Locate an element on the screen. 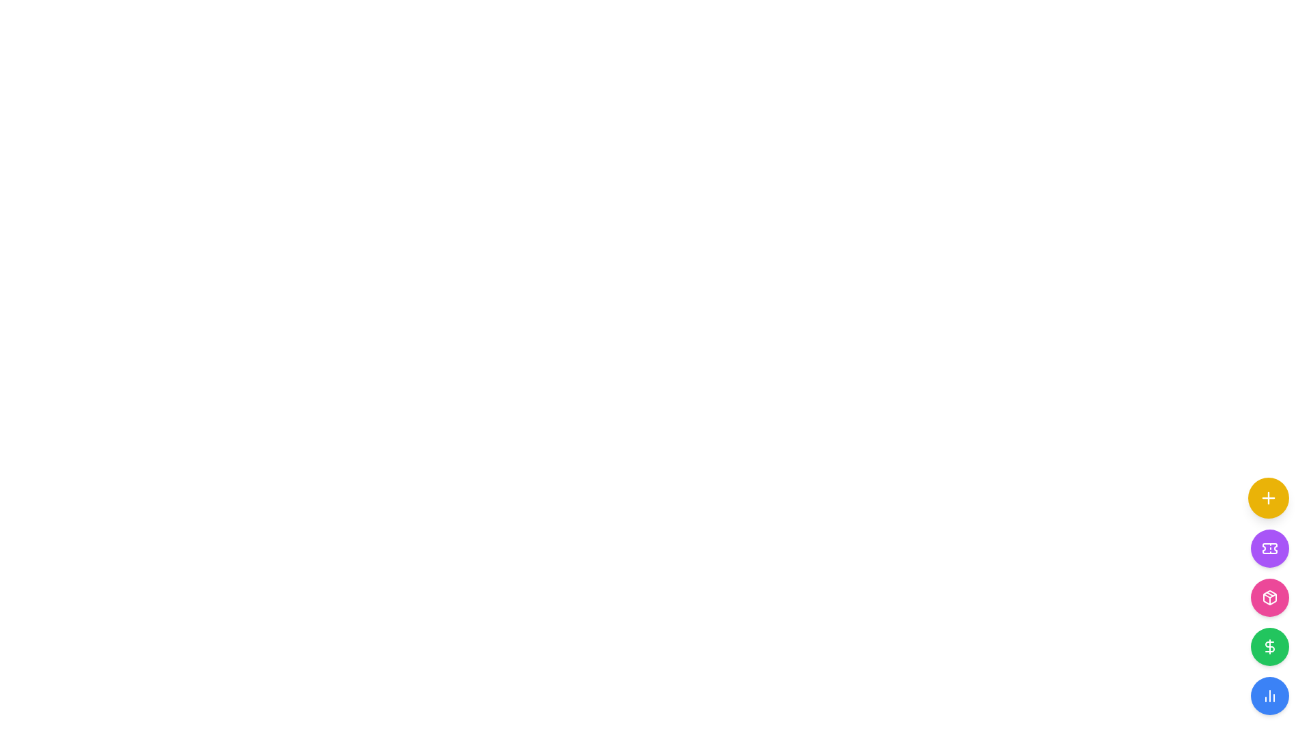 This screenshot has height=737, width=1311. the 'Tickets' button, which is the second button in a vertical stack near the right edge of the viewport is located at coordinates (1269, 547).